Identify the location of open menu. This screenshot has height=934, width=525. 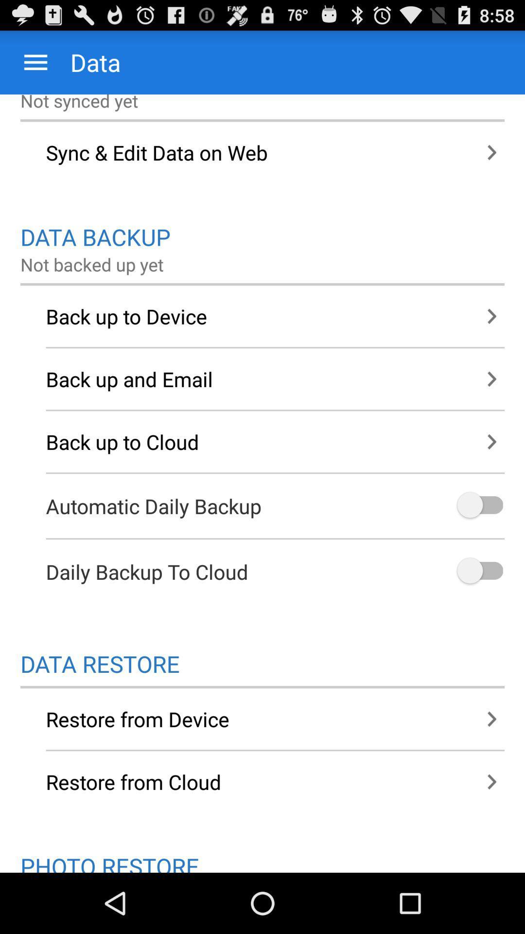
(35, 62).